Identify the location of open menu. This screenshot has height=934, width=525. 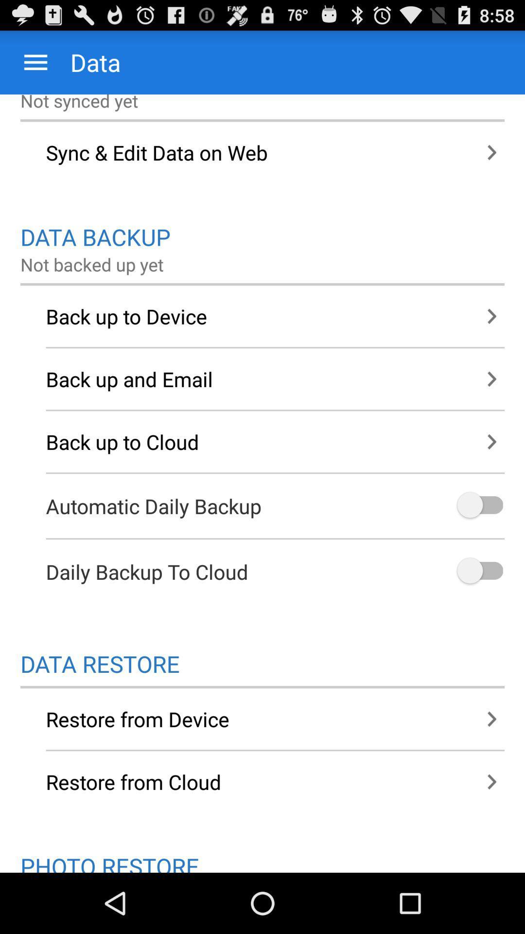
(35, 62).